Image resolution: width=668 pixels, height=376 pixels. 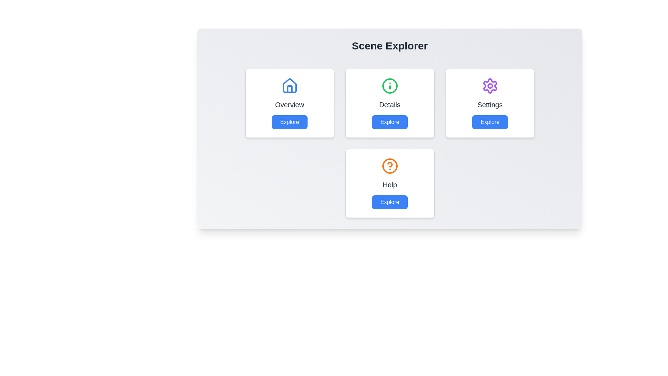 I want to click on the 'Explore' button located at the bottom of the 'Help' section within the card, which is centered below the text 'Help', so click(x=390, y=202).